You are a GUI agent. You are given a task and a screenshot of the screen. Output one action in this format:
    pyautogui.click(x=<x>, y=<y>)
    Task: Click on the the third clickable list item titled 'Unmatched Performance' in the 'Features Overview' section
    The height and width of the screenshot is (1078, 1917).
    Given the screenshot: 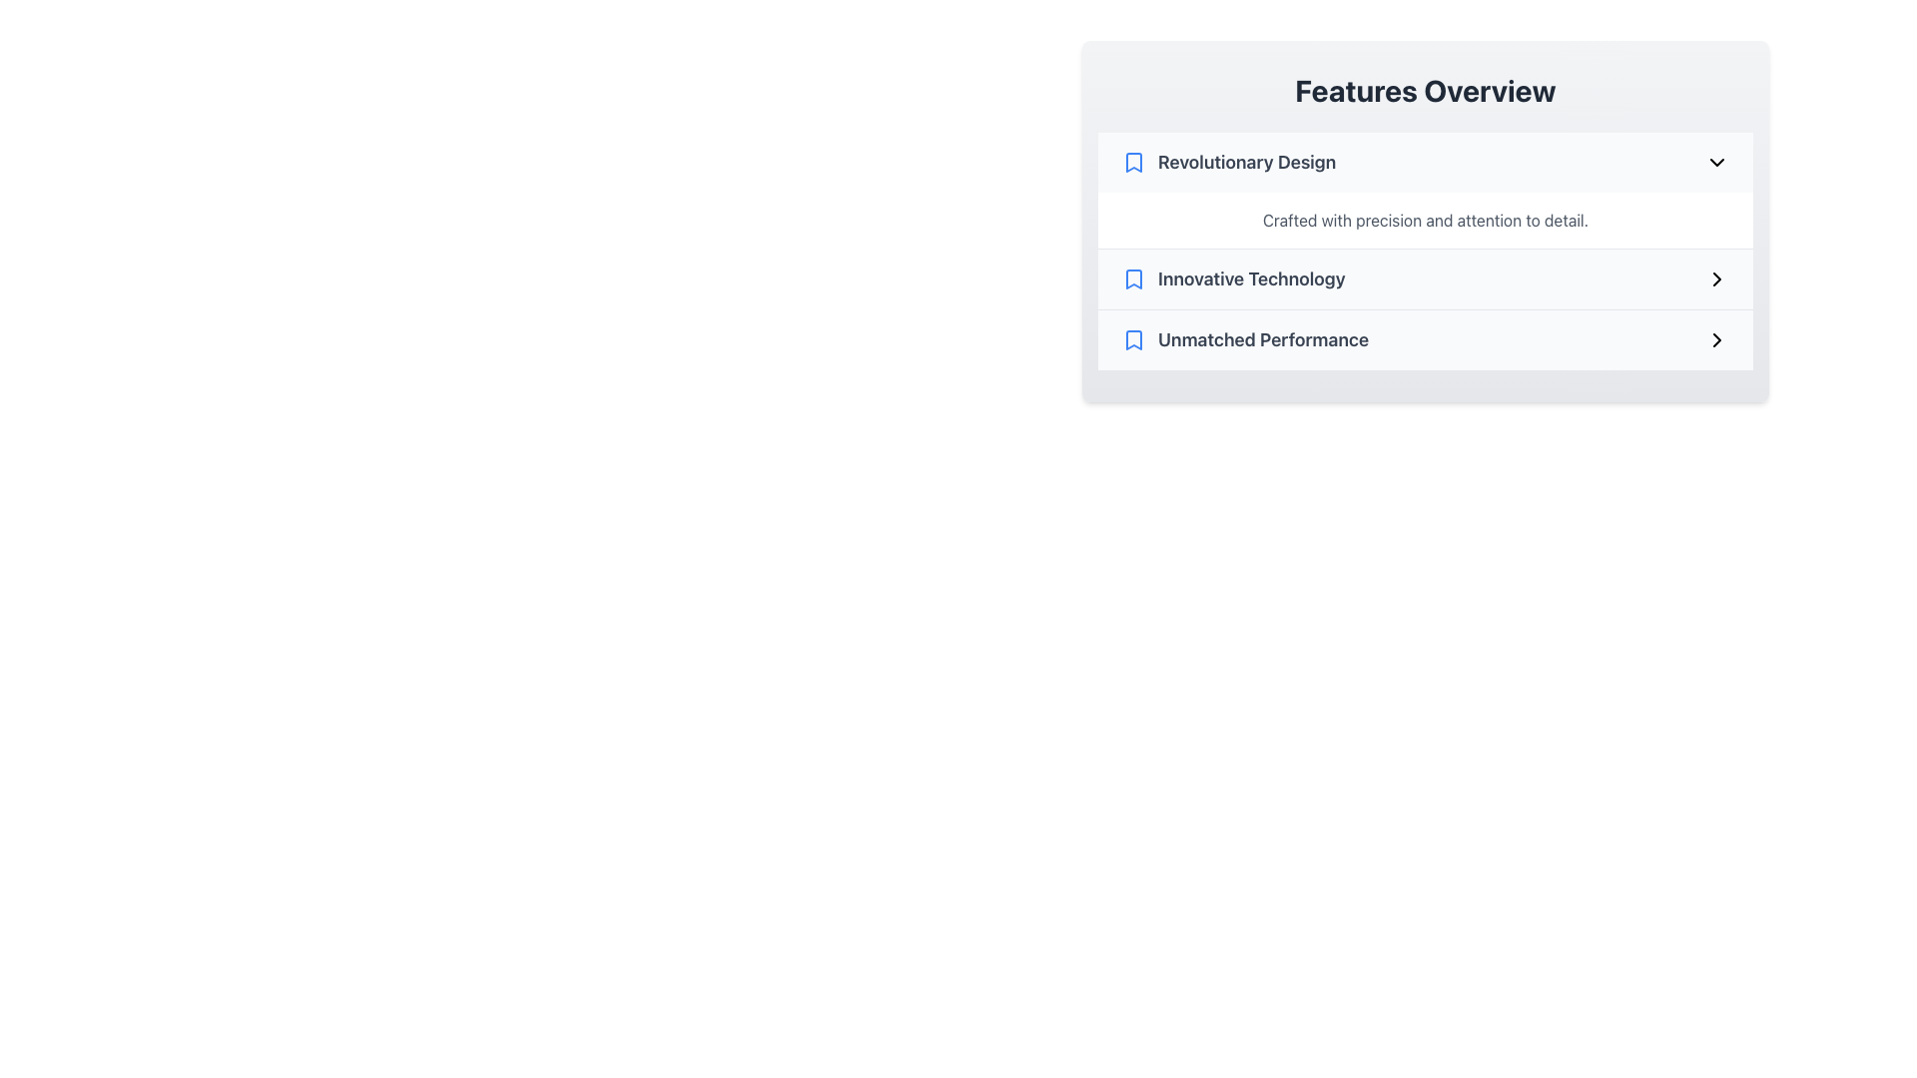 What is the action you would take?
    pyautogui.click(x=1244, y=338)
    